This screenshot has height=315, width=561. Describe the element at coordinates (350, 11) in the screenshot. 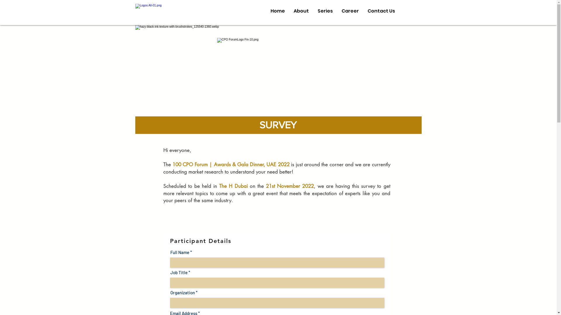

I see `'Career'` at that location.